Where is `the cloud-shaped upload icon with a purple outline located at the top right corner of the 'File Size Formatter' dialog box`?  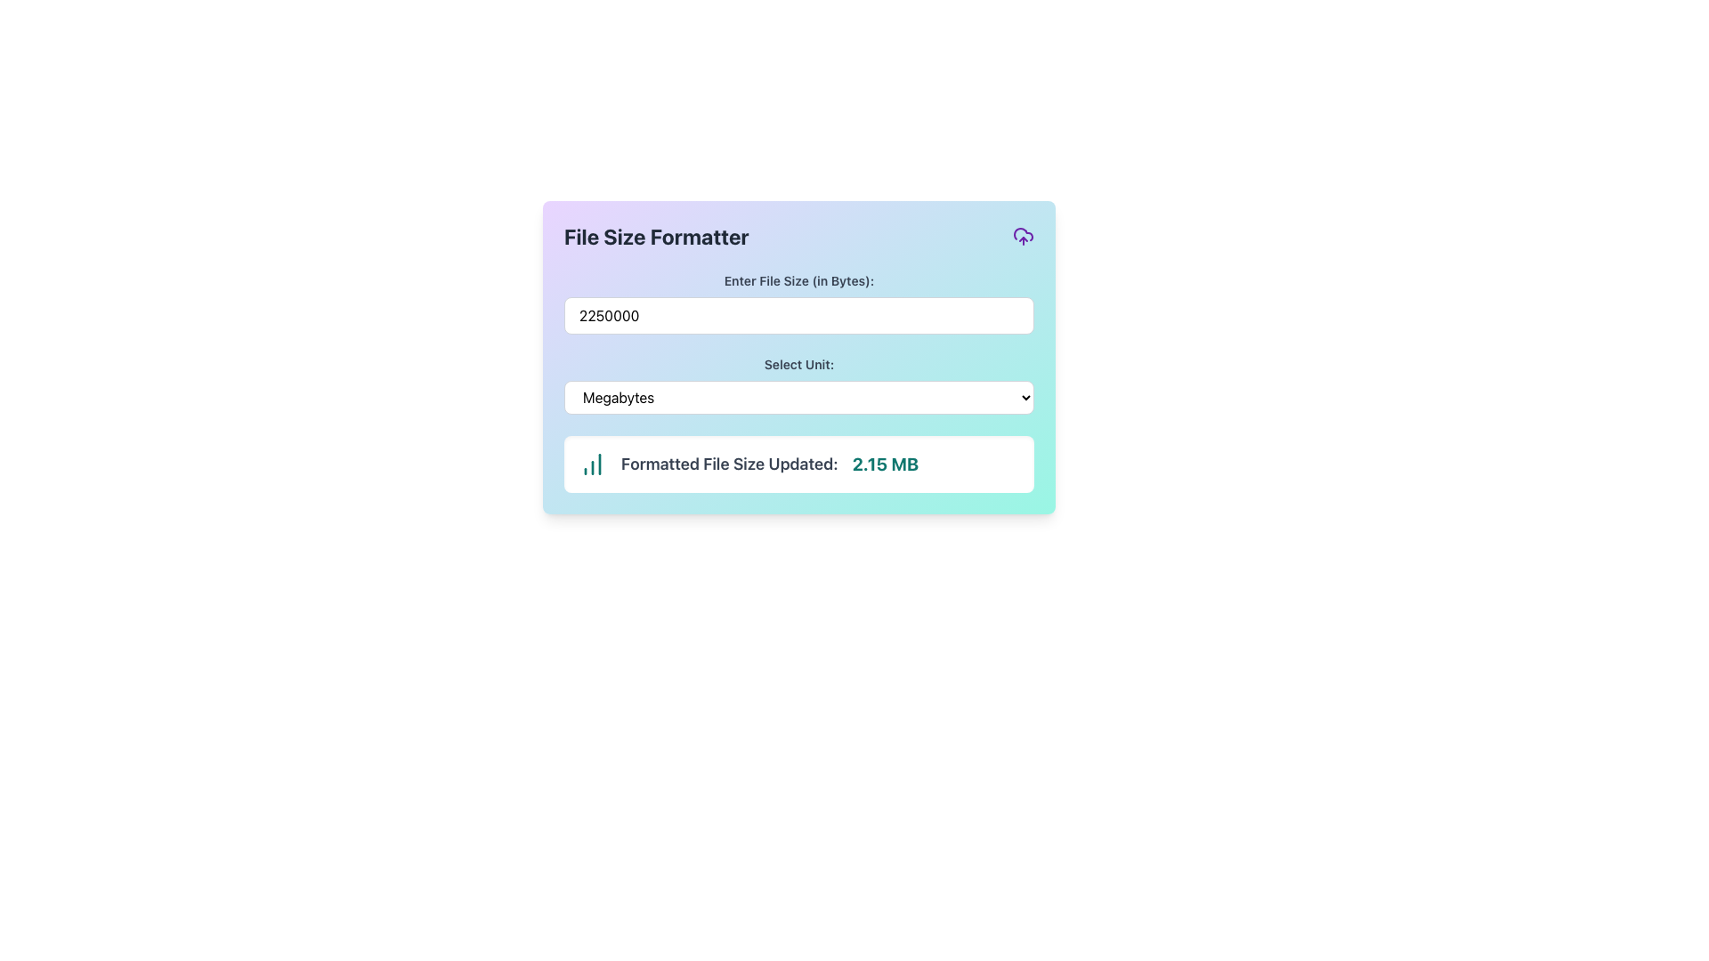
the cloud-shaped upload icon with a purple outline located at the top right corner of the 'File Size Formatter' dialog box is located at coordinates (1024, 236).